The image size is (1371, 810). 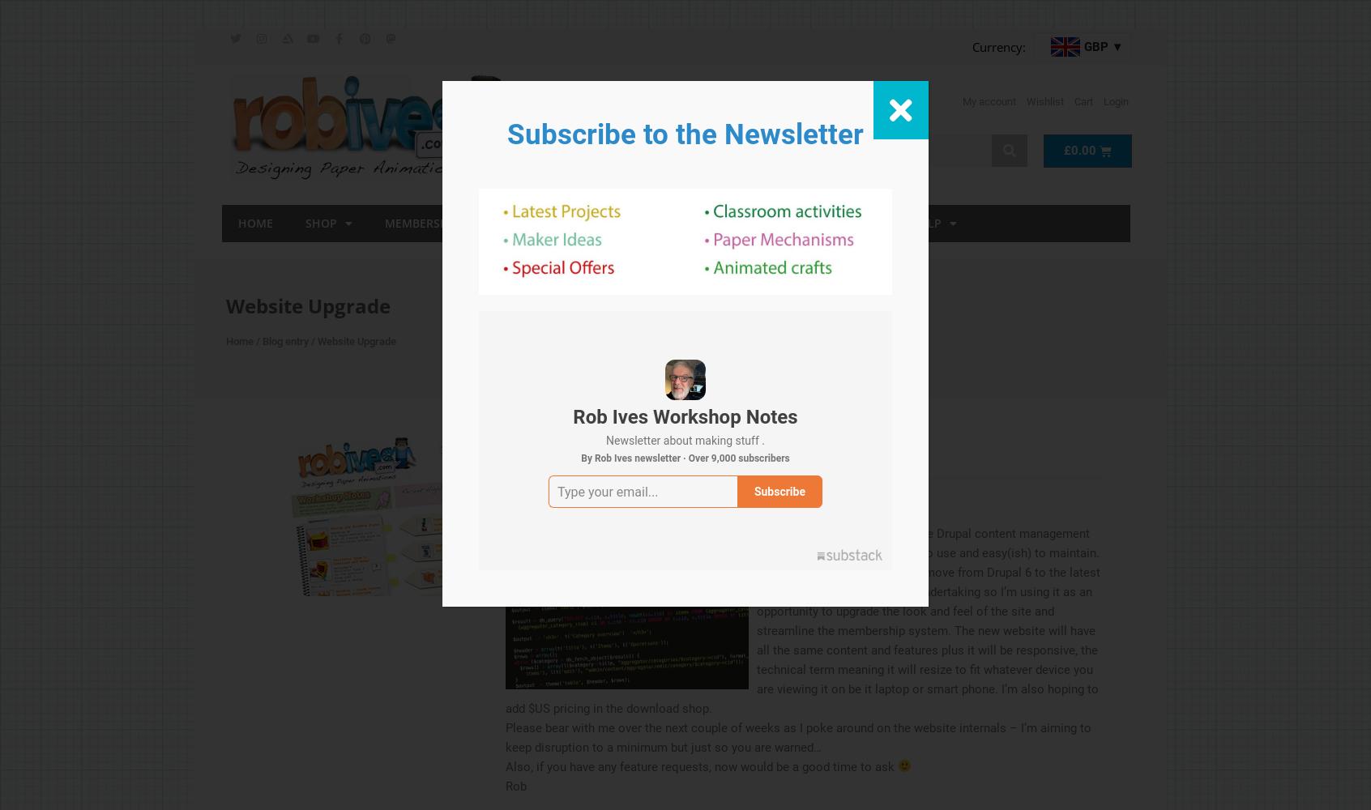 I want to click on 'Shop', so click(x=320, y=222).